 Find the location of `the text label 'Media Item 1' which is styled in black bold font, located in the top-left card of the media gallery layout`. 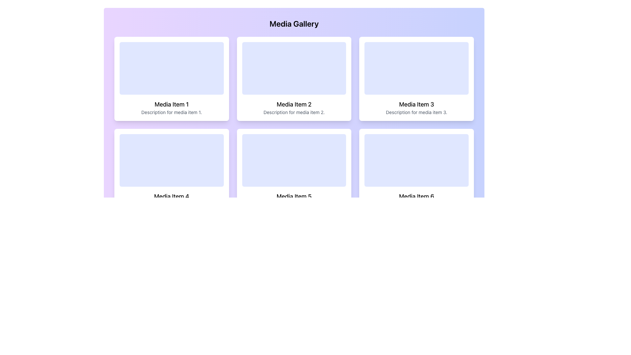

the text label 'Media Item 1' which is styled in black bold font, located in the top-left card of the media gallery layout is located at coordinates (172, 104).